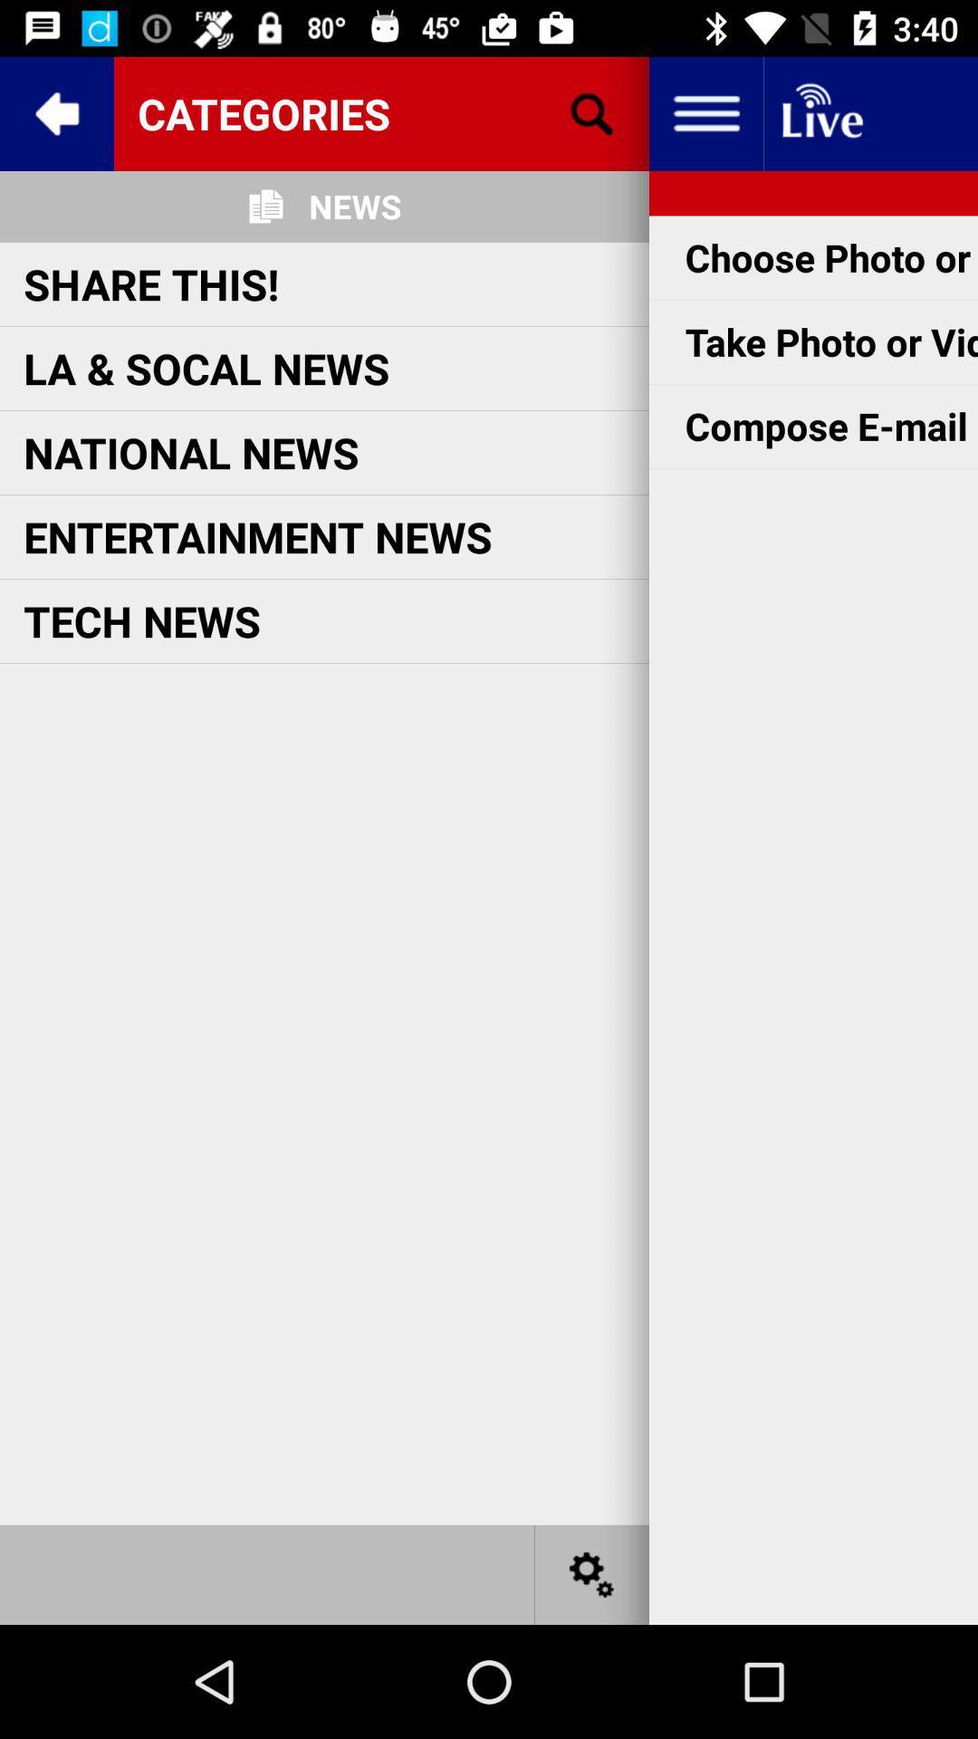  I want to click on item above the entertainment news, so click(191, 452).